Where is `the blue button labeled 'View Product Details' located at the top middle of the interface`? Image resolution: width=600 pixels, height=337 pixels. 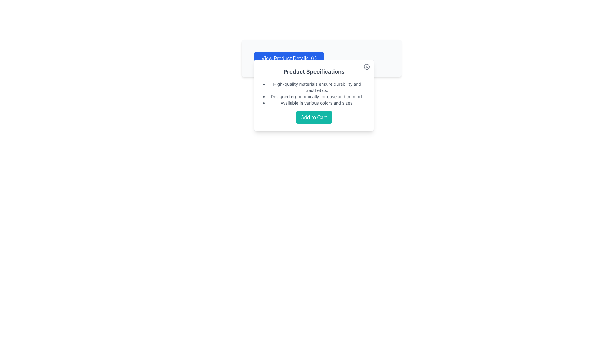
the blue button labeled 'View Product Details' located at the top middle of the interface is located at coordinates (289, 58).